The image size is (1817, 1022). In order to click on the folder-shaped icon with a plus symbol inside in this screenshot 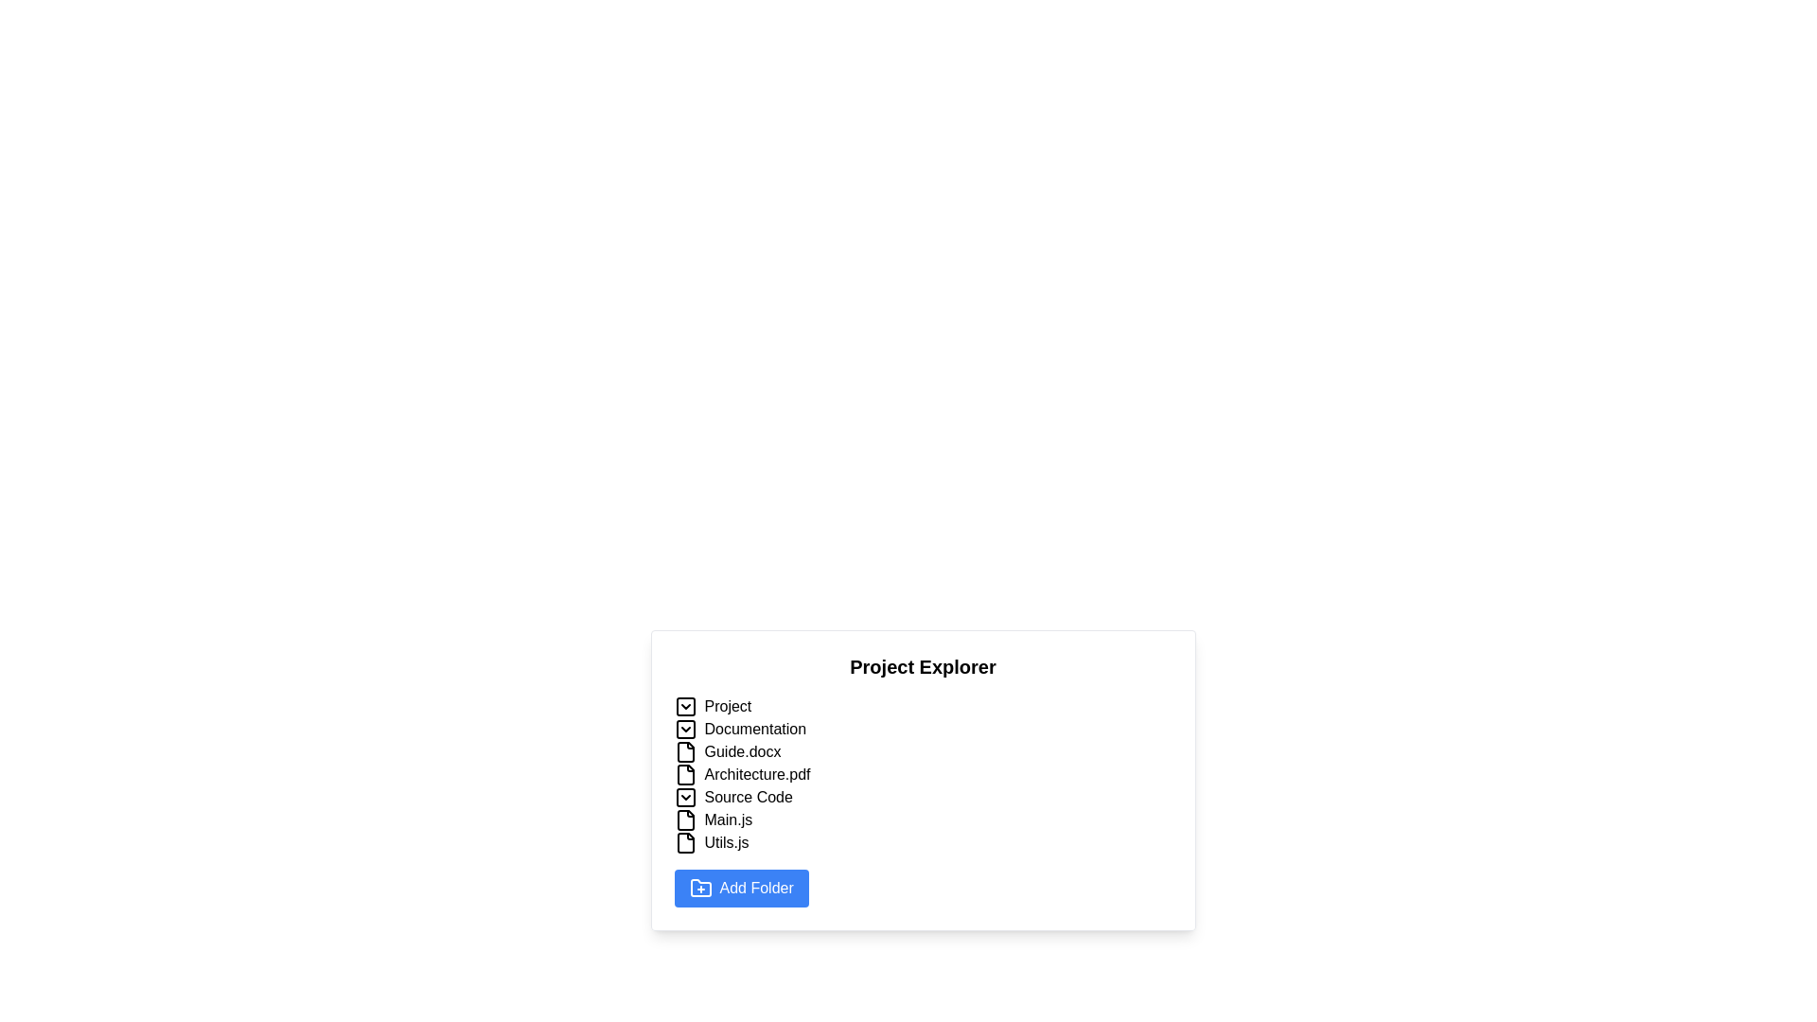, I will do `click(699, 888)`.